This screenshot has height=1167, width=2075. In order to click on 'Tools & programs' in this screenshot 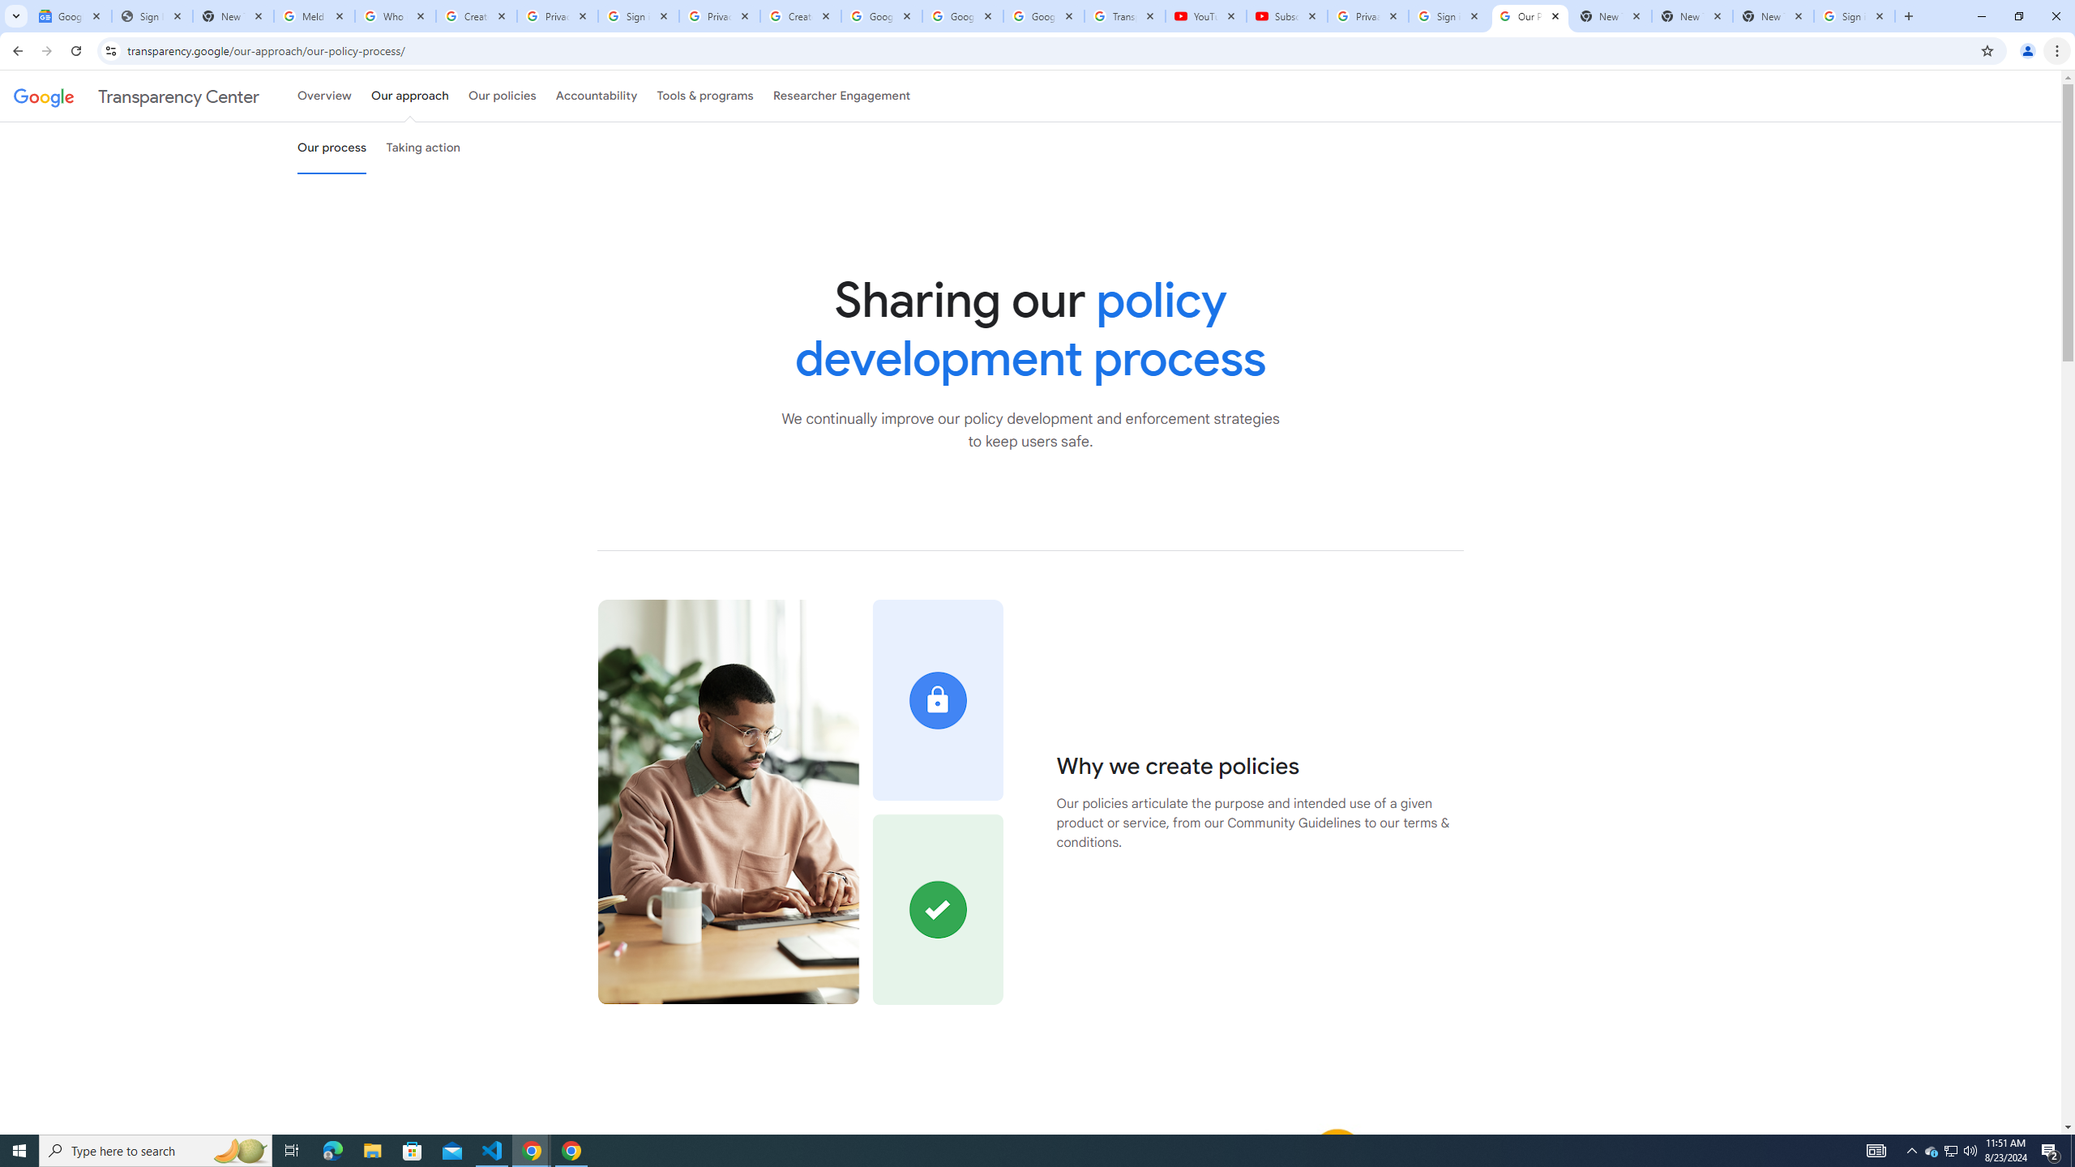, I will do `click(704, 96)`.